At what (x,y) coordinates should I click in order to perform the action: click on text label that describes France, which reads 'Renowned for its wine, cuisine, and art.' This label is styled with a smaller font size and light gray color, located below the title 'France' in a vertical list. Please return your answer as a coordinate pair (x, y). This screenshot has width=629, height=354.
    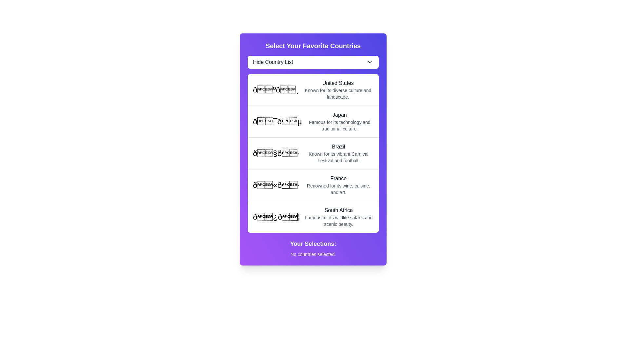
    Looking at the image, I should click on (338, 189).